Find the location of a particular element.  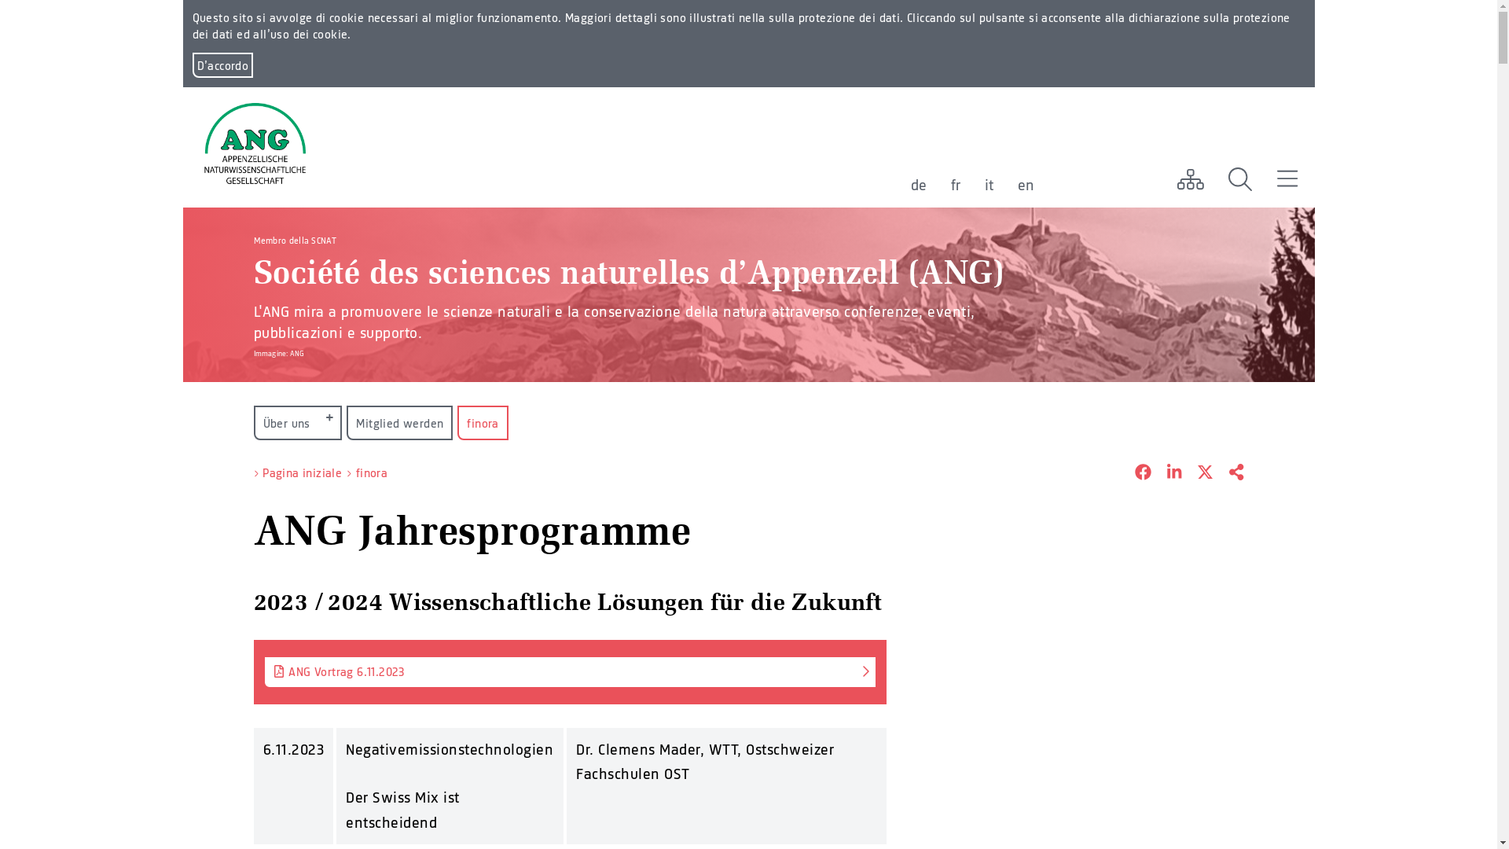

'en' is located at coordinates (1017, 184).